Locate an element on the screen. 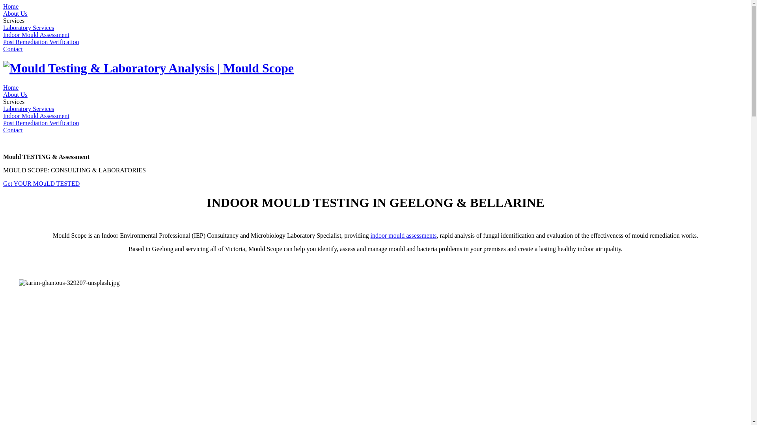 The image size is (757, 425). 'Contact' is located at coordinates (13, 129).